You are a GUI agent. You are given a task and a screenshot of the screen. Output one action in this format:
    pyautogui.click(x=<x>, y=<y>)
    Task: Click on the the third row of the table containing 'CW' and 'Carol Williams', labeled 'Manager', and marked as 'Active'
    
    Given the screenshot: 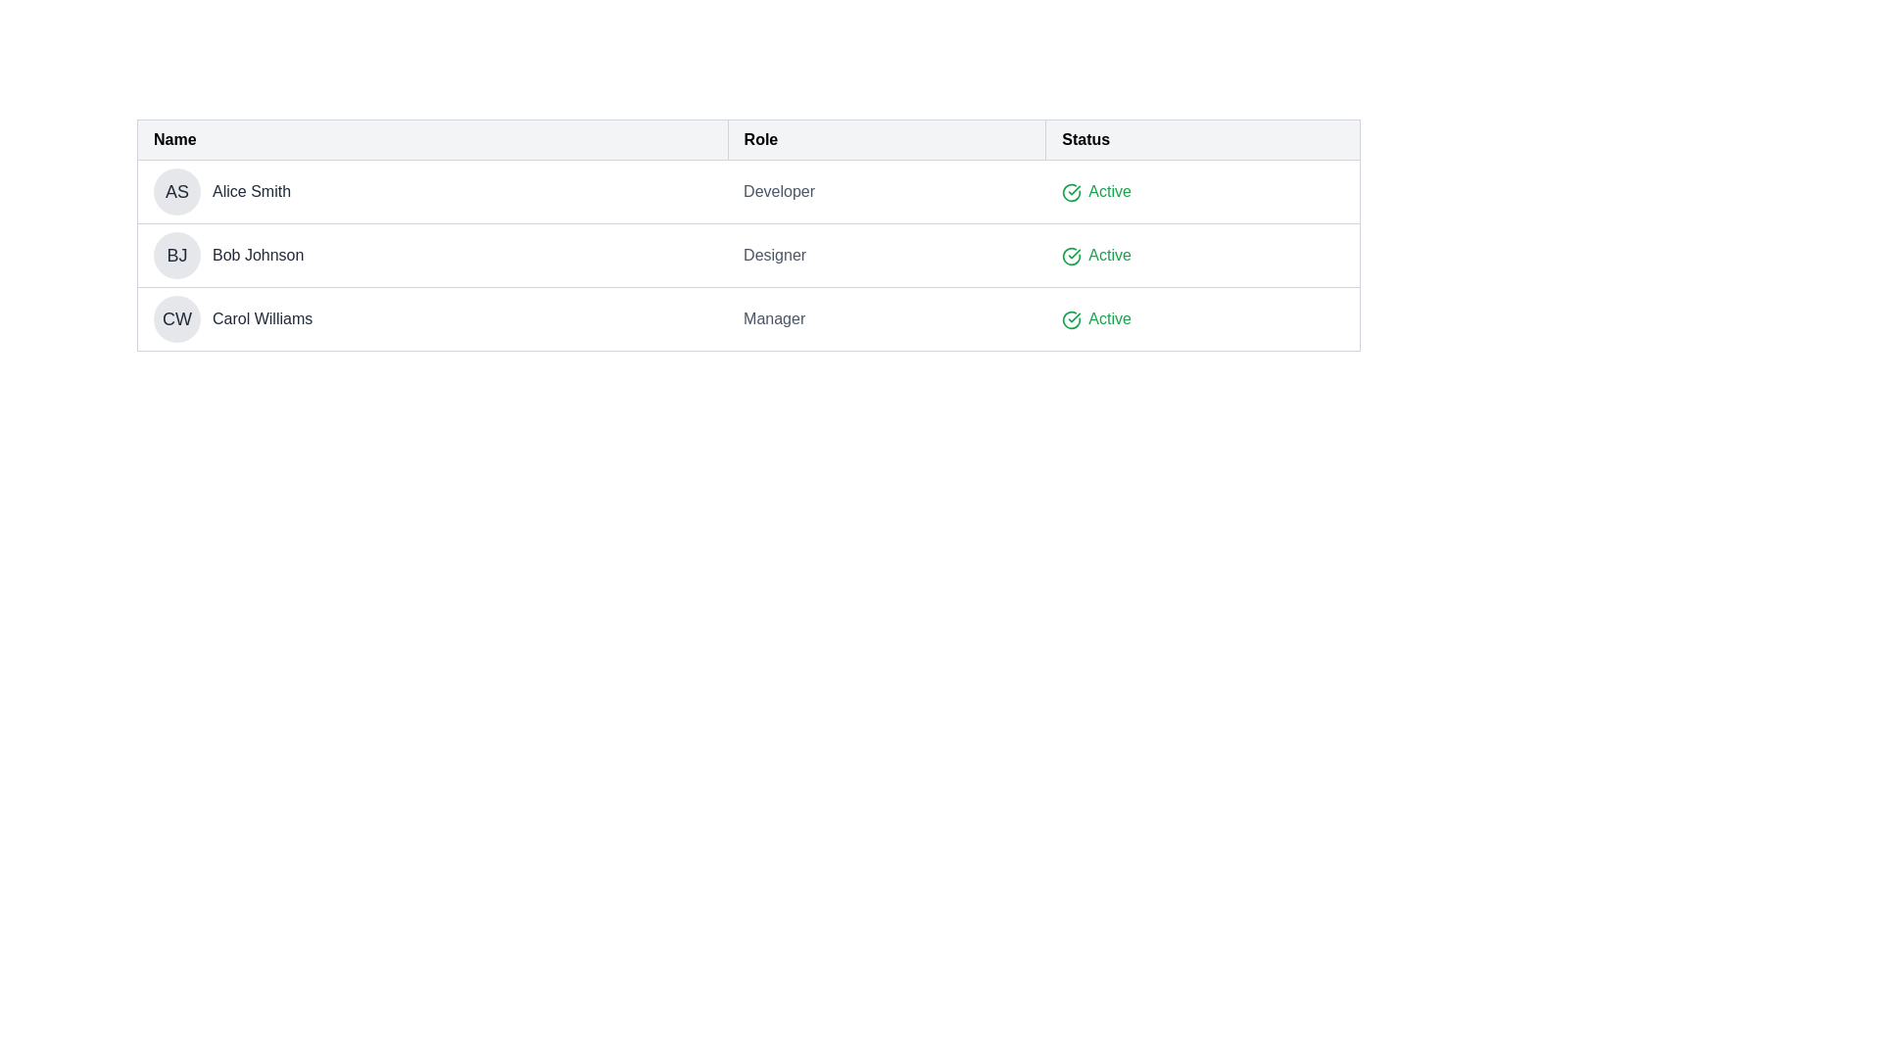 What is the action you would take?
    pyautogui.click(x=748, y=318)
    